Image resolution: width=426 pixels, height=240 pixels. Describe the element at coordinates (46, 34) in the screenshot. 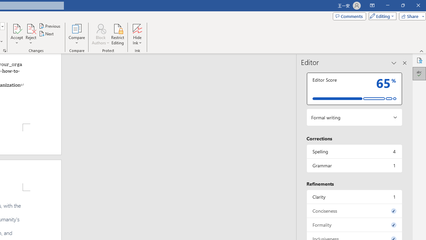

I see `'Next'` at that location.